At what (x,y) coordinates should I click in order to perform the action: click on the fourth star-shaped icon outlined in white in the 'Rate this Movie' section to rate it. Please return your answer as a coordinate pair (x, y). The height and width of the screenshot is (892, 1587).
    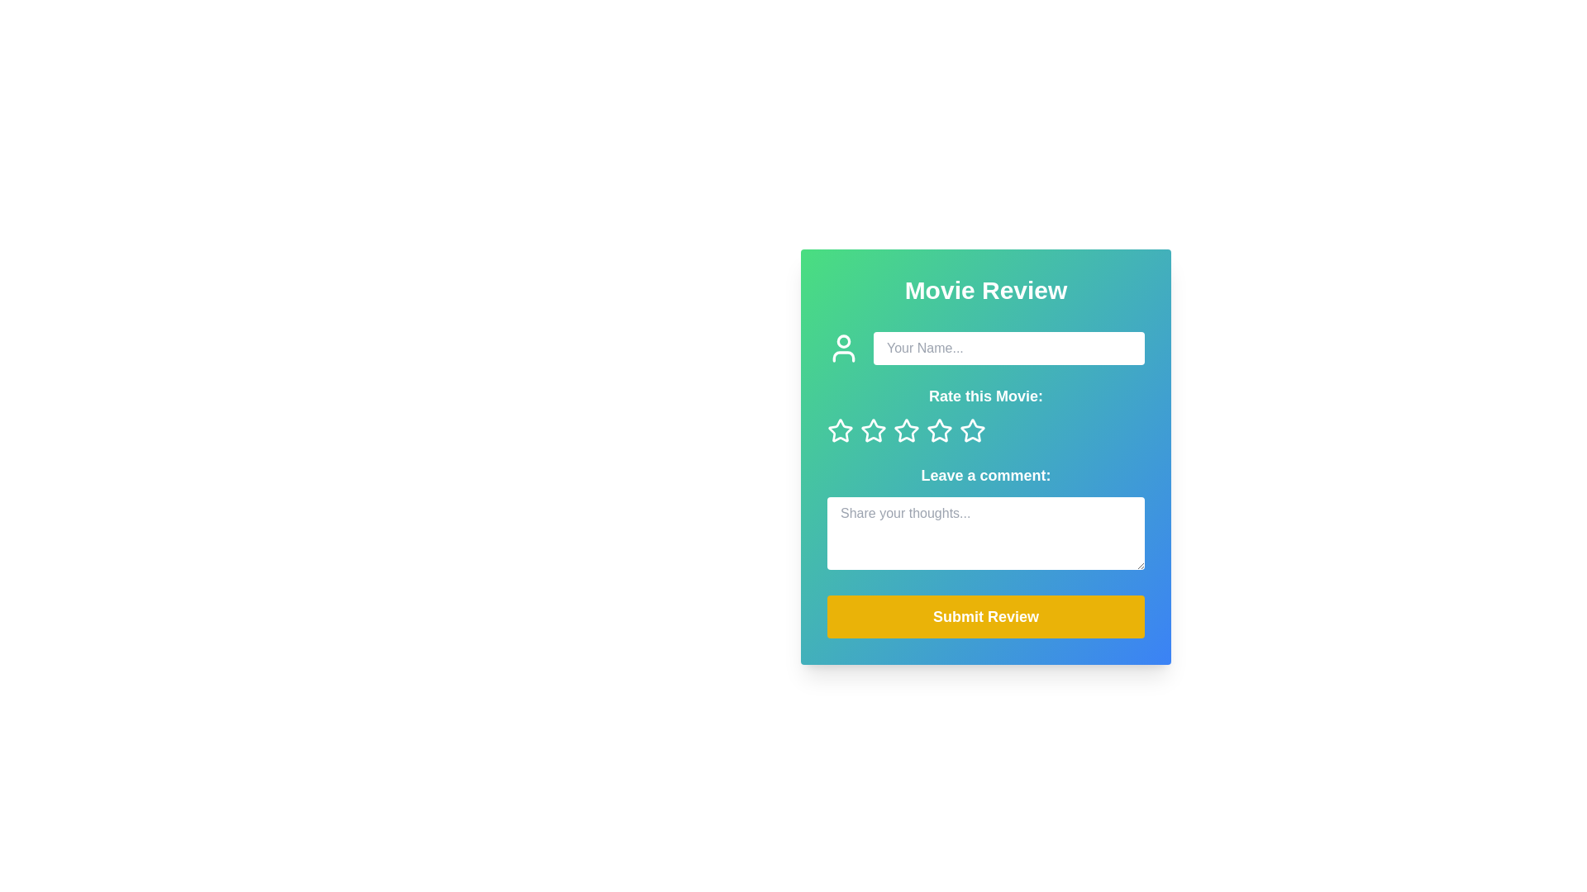
    Looking at the image, I should click on (906, 429).